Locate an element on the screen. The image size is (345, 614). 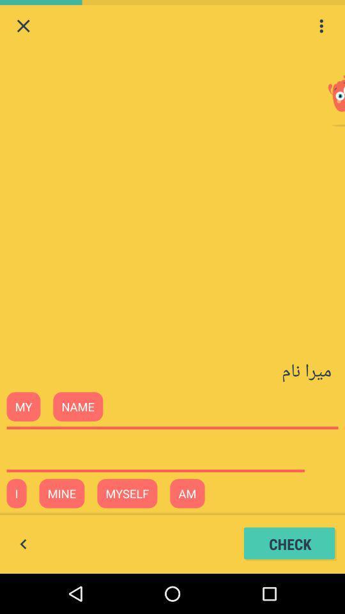
the more icon is located at coordinates (321, 27).